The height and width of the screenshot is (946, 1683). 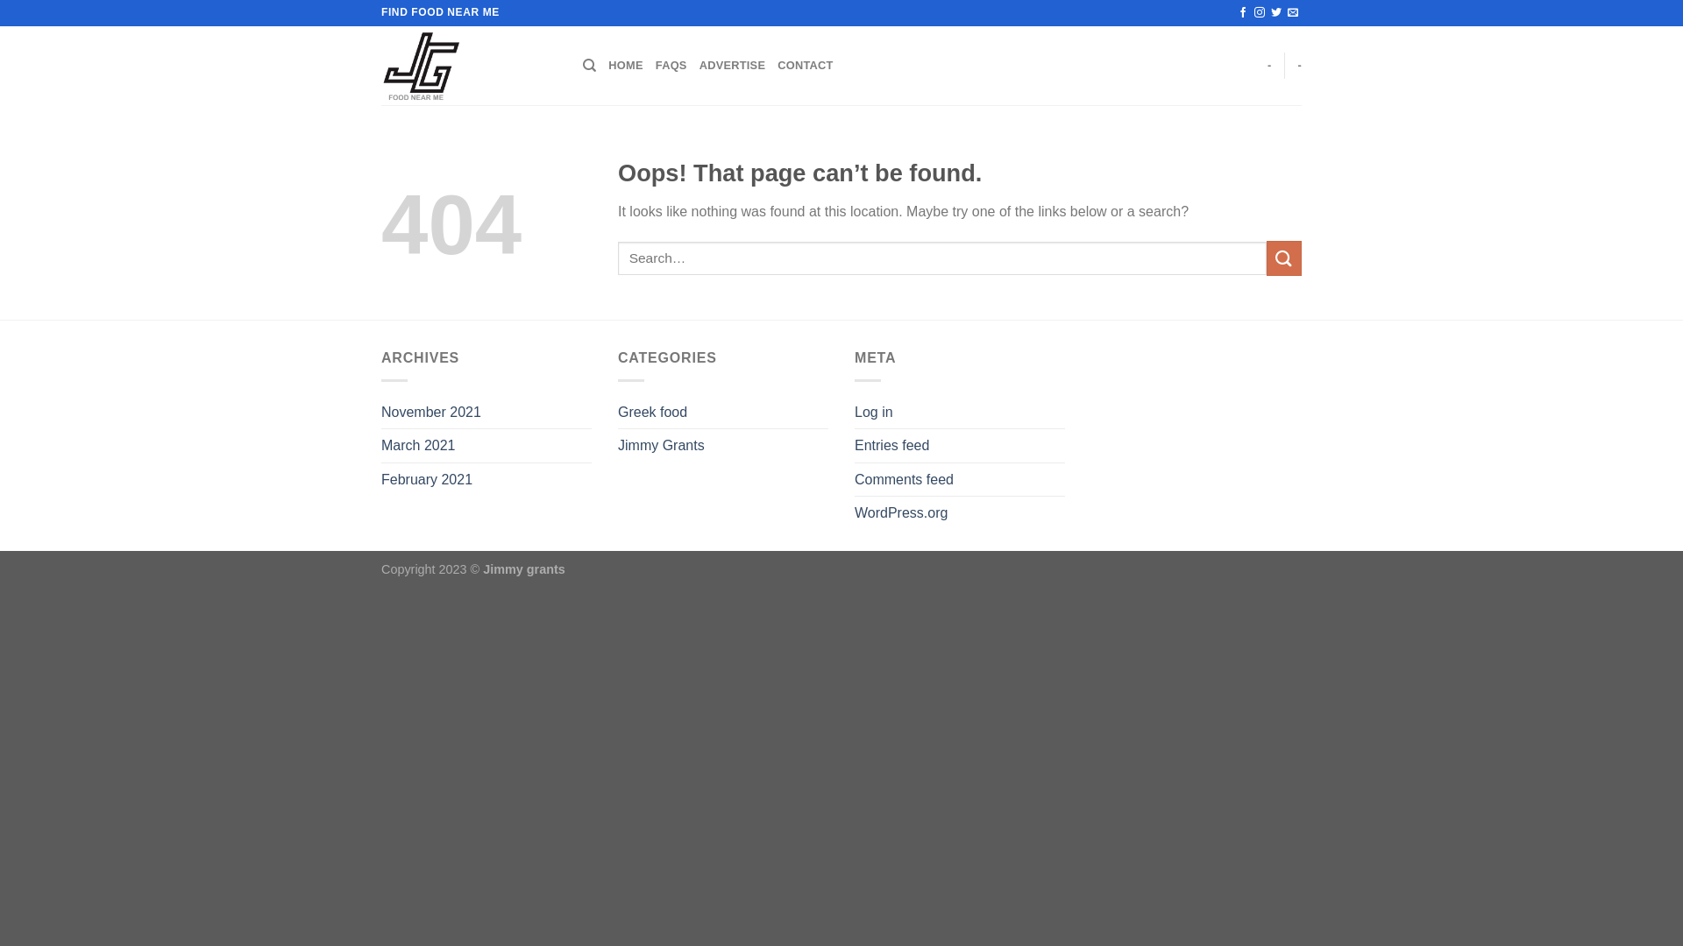 I want to click on 'WordPress.org', so click(x=900, y=512).